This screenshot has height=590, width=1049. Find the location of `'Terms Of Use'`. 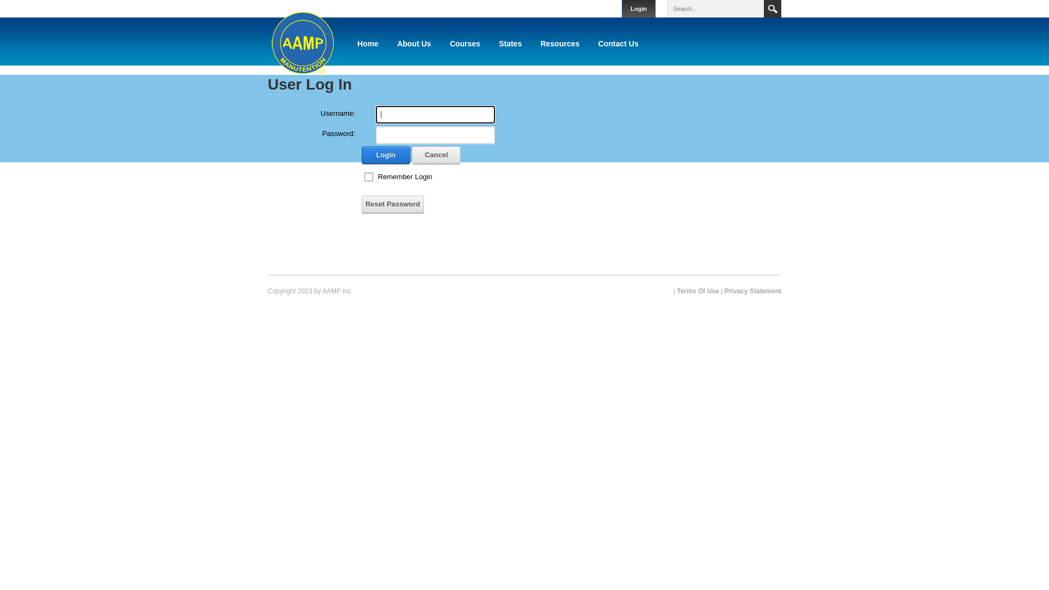

'Terms Of Use' is located at coordinates (697, 290).